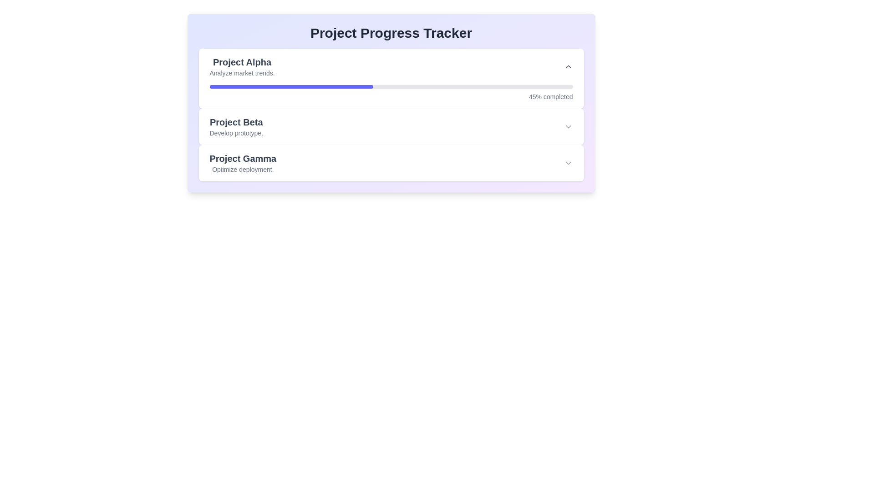 The height and width of the screenshot is (491, 874). Describe the element at coordinates (242, 66) in the screenshot. I see `text from the Text Label with Description for 'Project Alpha', which is located in the first project card above the progress bar` at that location.